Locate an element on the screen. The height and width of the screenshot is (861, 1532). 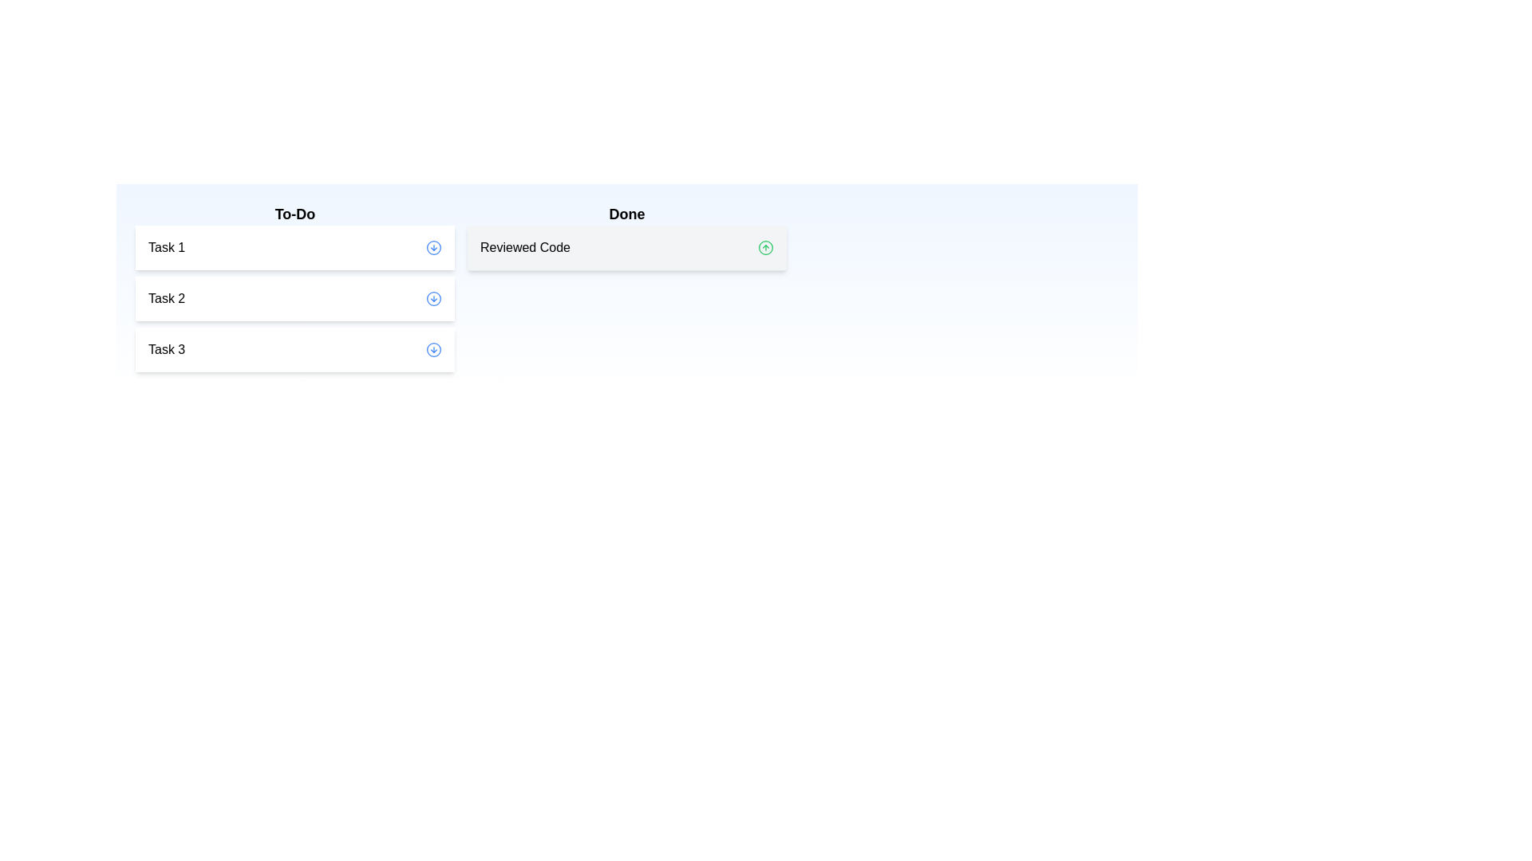
up arrow button next to the task 'Reviewed Code' in the 'Done' section to move it to the 'To-Do' list is located at coordinates (766, 248).